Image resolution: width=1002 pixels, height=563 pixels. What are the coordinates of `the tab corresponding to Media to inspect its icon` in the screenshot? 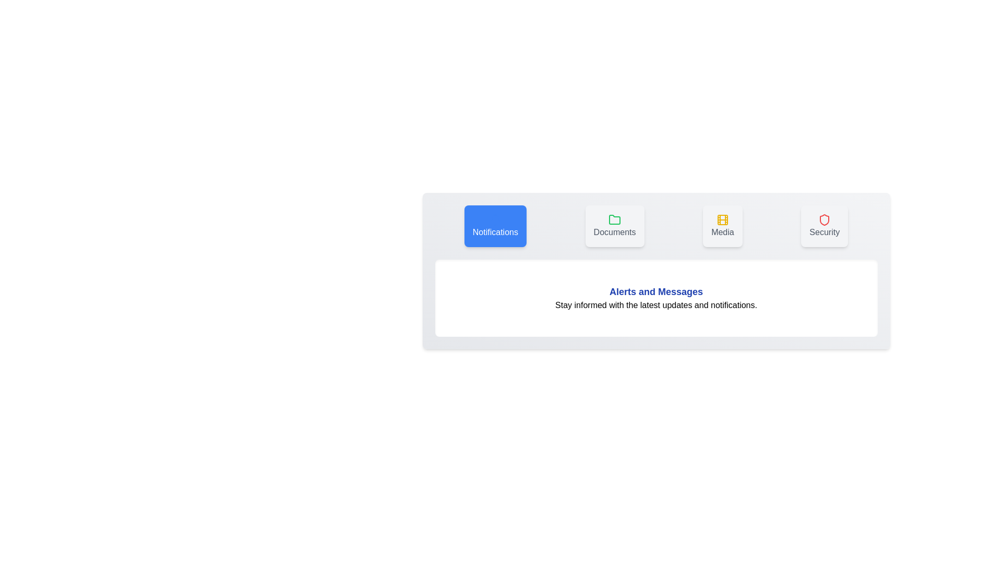 It's located at (722, 226).